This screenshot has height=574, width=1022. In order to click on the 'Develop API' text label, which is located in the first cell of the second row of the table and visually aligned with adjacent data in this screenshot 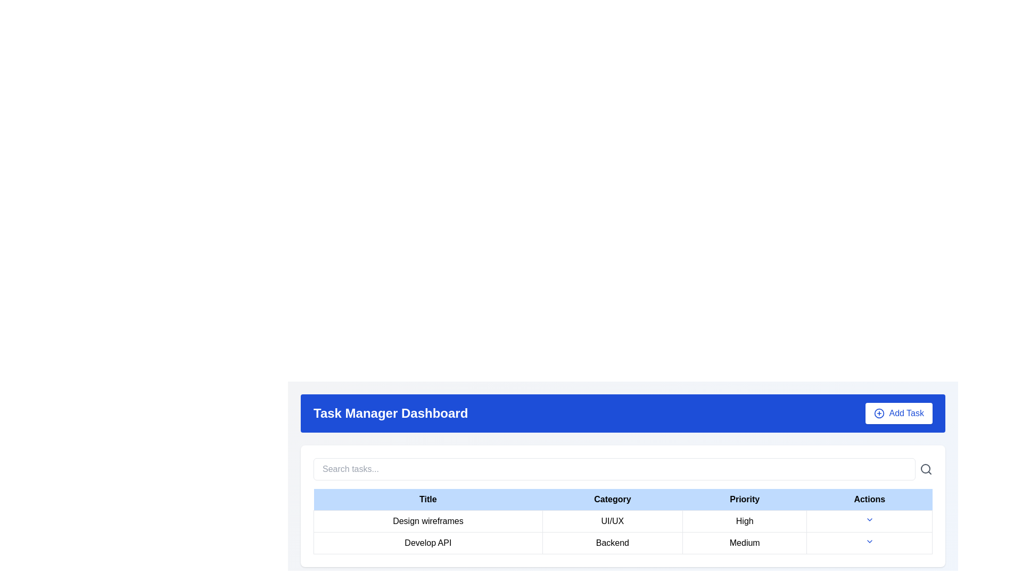, I will do `click(428, 543)`.